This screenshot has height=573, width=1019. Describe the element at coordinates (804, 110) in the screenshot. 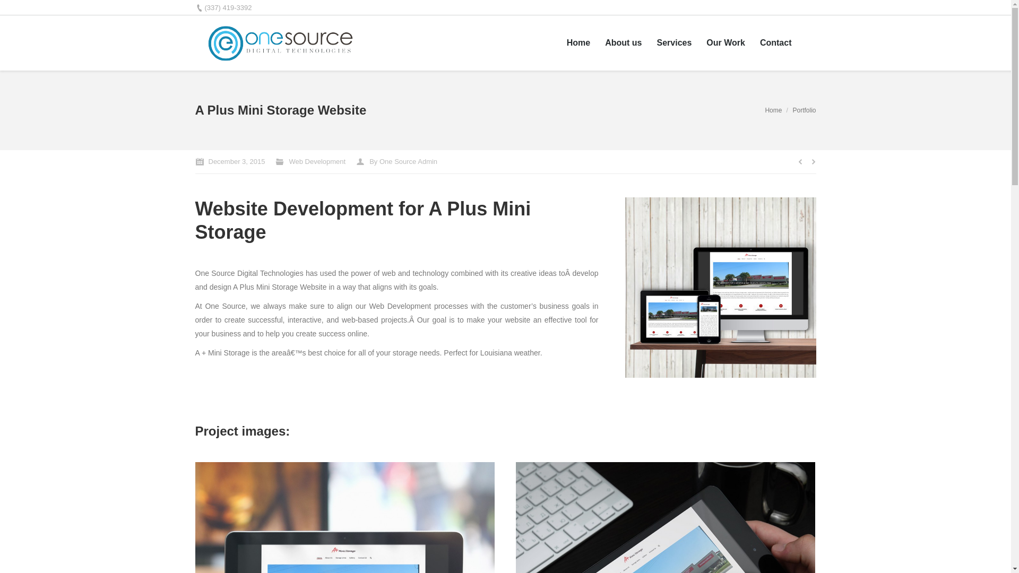

I see `'Portfolio'` at that location.